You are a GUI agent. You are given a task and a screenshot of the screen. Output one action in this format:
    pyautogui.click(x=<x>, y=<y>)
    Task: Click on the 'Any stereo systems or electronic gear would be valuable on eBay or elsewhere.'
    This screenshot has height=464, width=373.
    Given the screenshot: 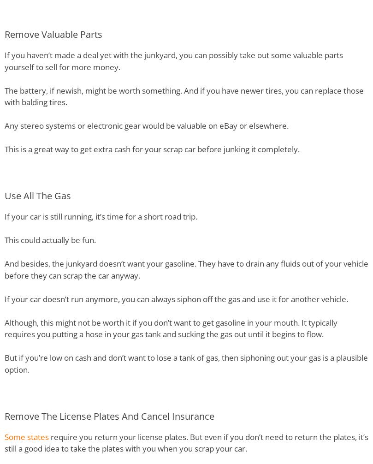 What is the action you would take?
    pyautogui.click(x=147, y=125)
    